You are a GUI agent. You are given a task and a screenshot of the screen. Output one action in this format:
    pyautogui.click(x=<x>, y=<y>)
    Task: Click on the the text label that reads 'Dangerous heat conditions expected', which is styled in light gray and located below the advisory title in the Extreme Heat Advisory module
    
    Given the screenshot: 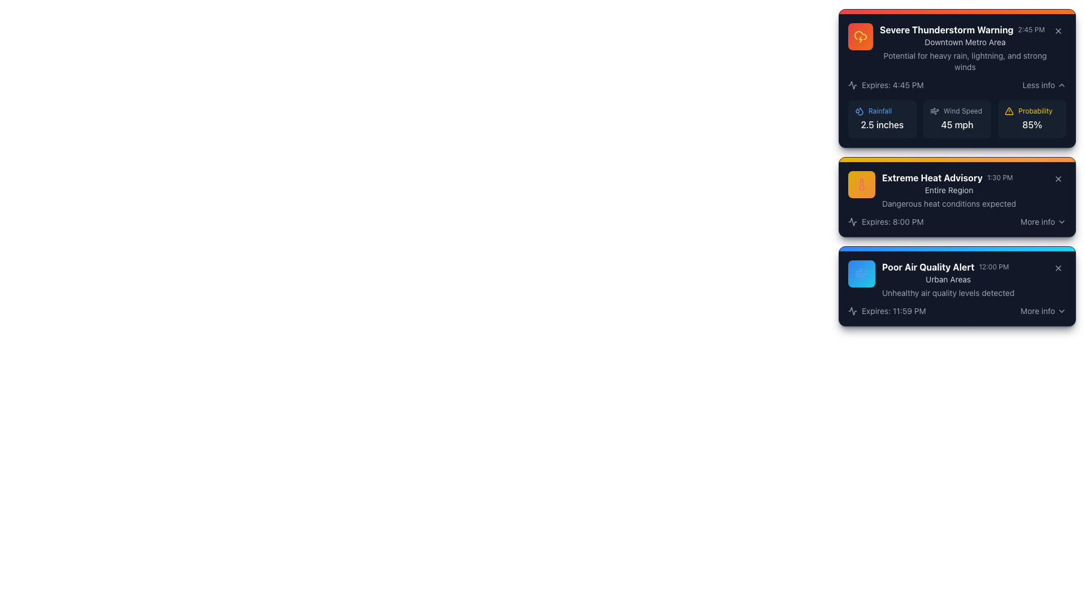 What is the action you would take?
    pyautogui.click(x=949, y=204)
    